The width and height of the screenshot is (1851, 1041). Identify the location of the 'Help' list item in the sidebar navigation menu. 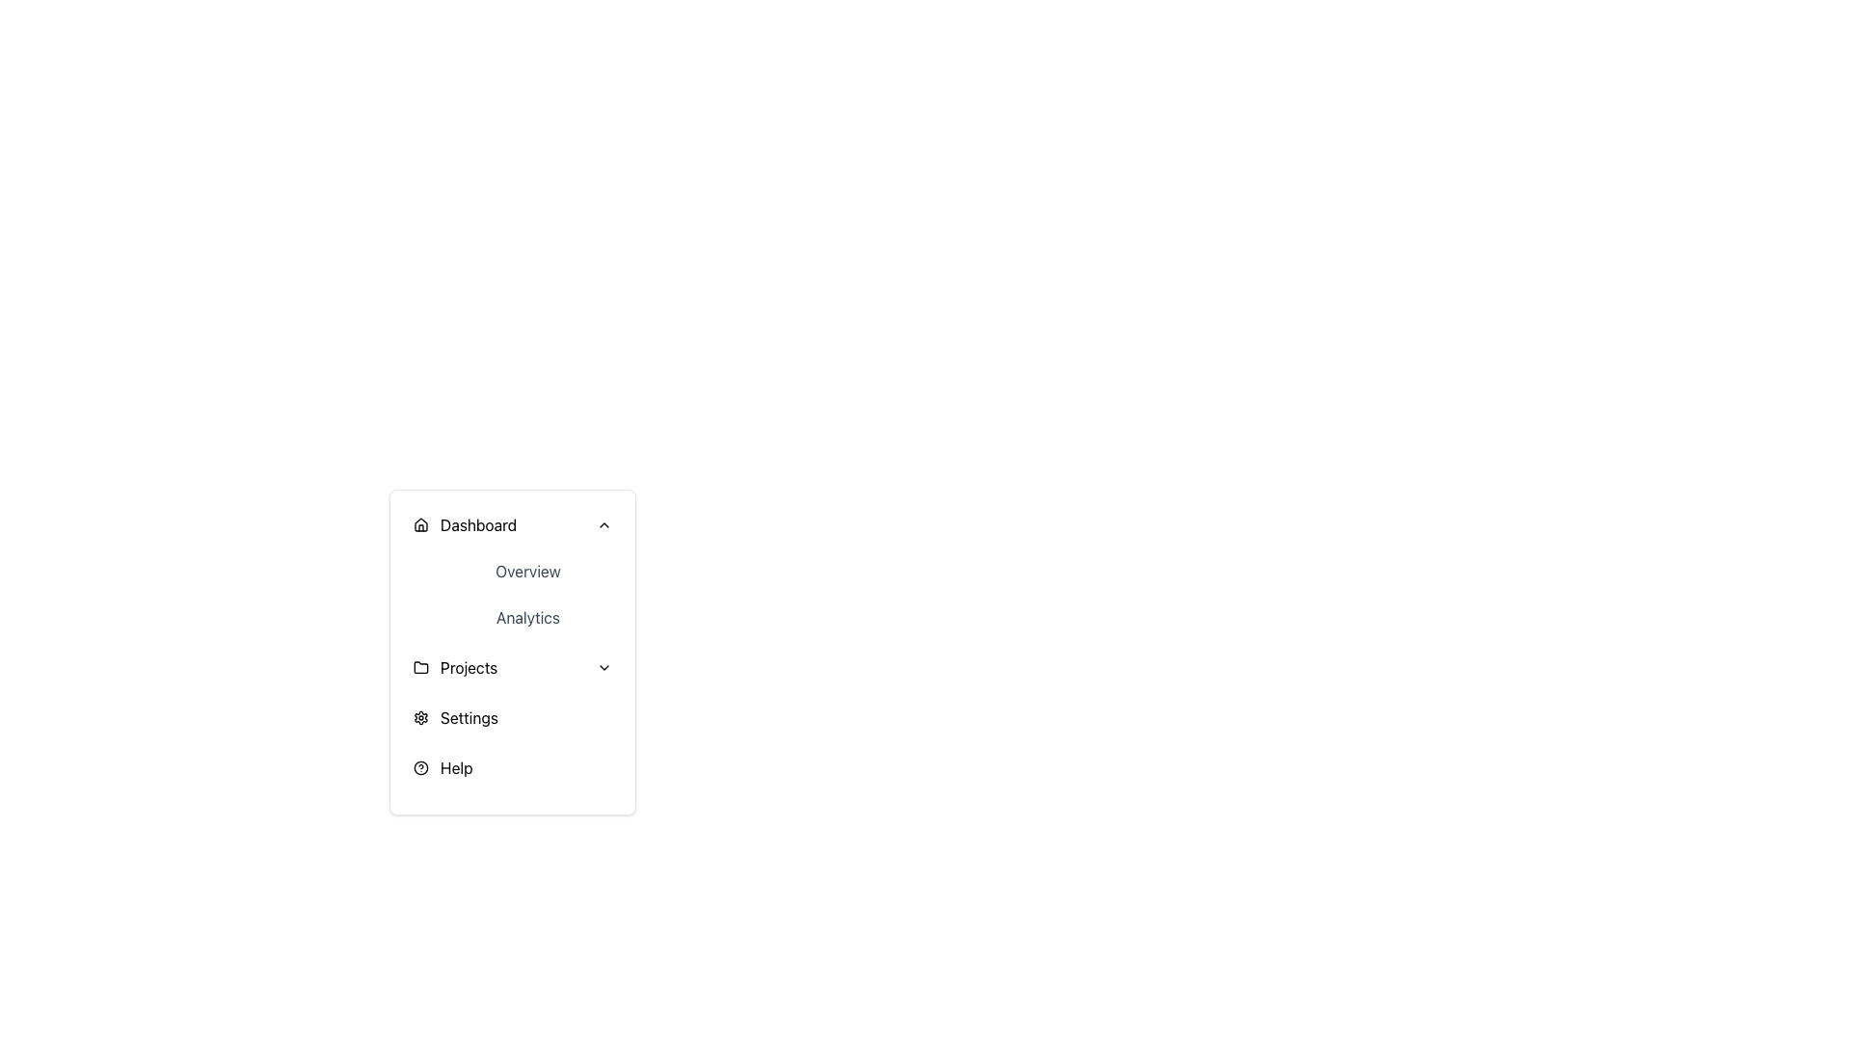
(513, 767).